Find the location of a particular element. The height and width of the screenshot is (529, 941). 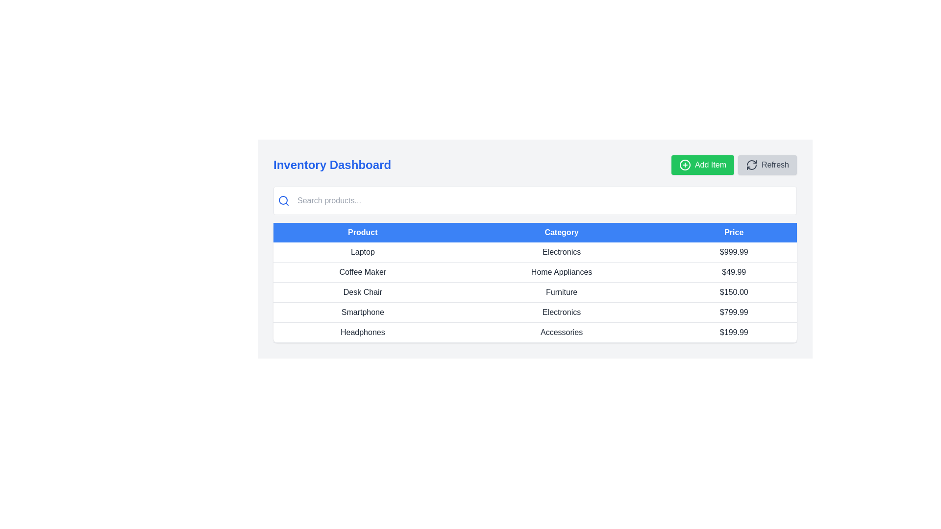

the last table row that provides information about a product, which includes its name, category, and price is located at coordinates (534, 332).